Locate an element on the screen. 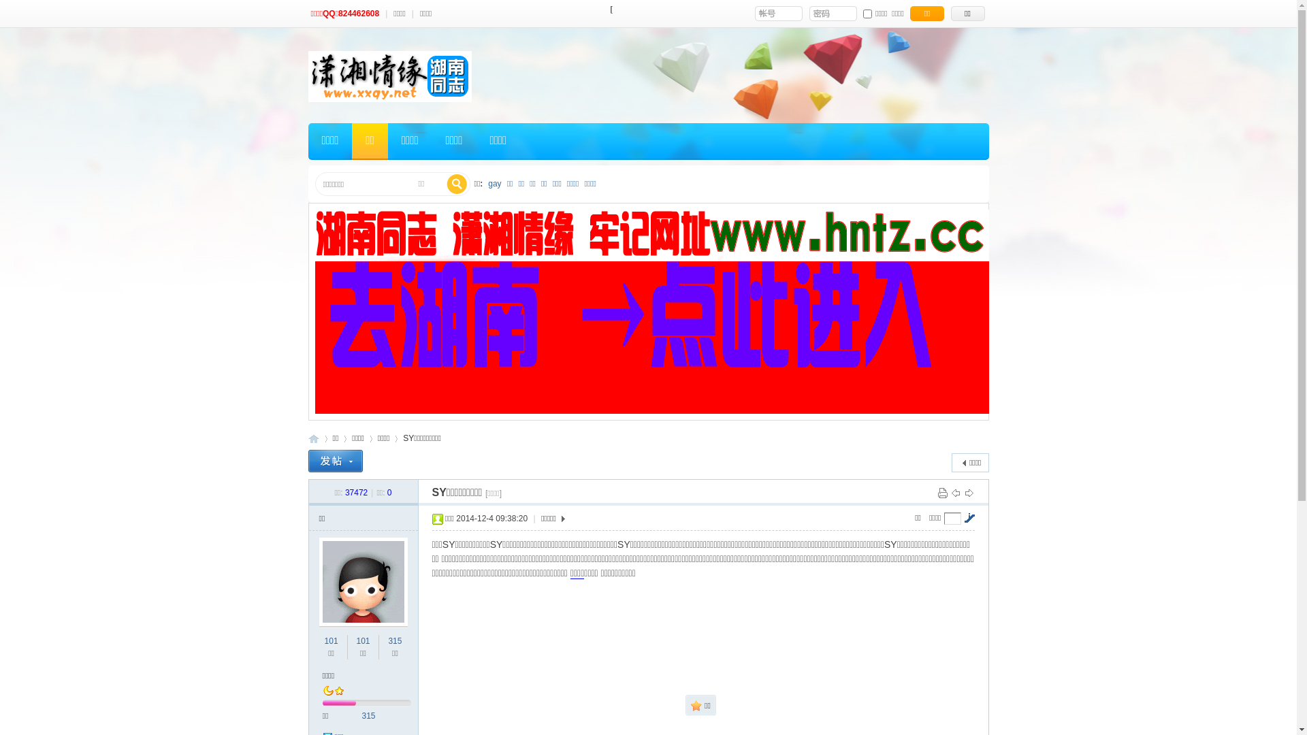 This screenshot has width=1307, height=735. 'gay' is located at coordinates (494, 184).